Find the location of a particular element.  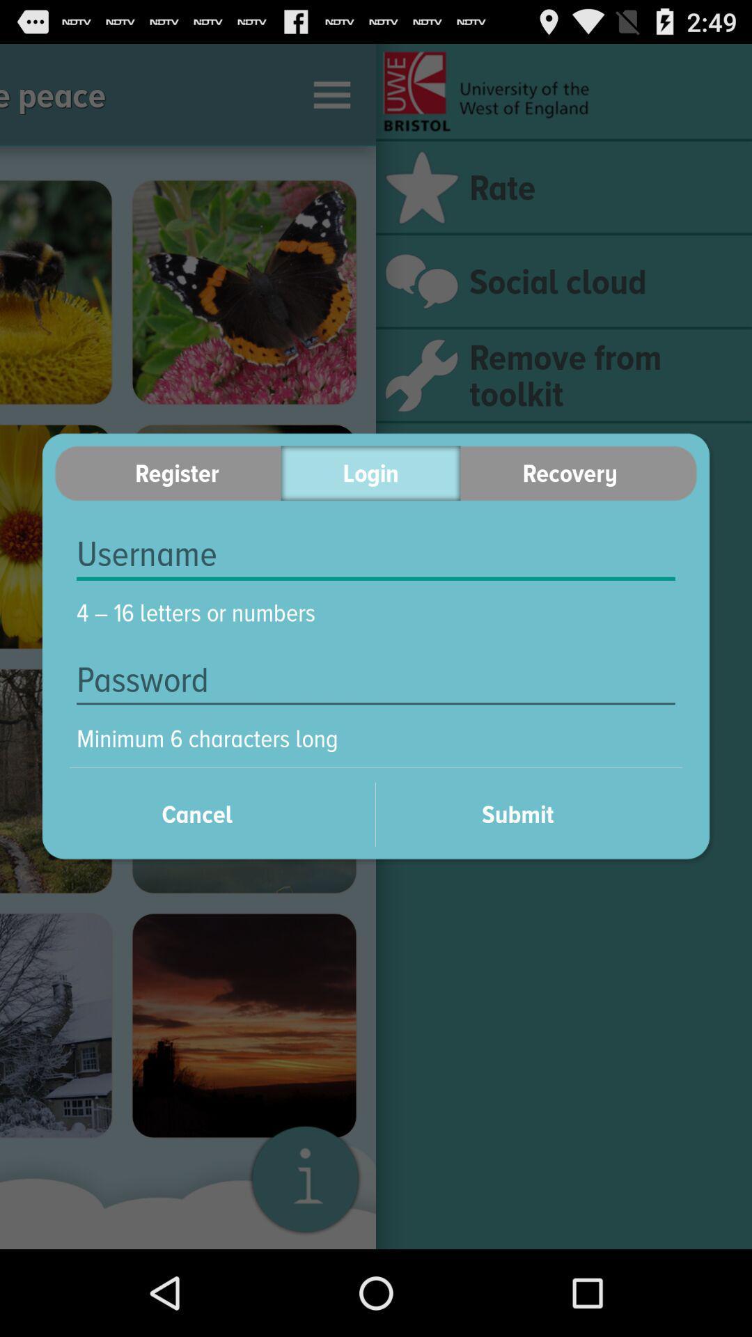

item above the 4 16 letters item is located at coordinates (376, 554).